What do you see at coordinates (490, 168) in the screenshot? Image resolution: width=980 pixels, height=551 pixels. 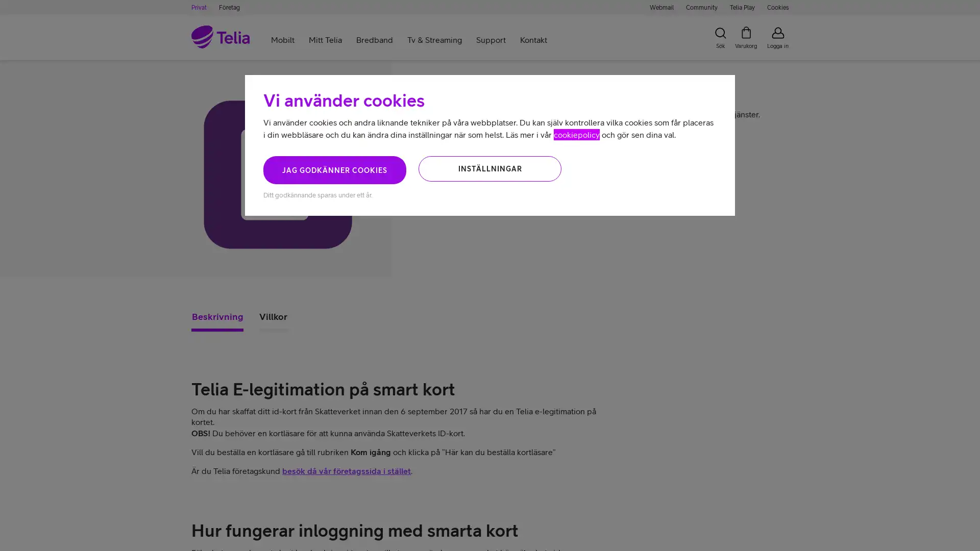 I see `INSTALLNINGAR` at bounding box center [490, 168].